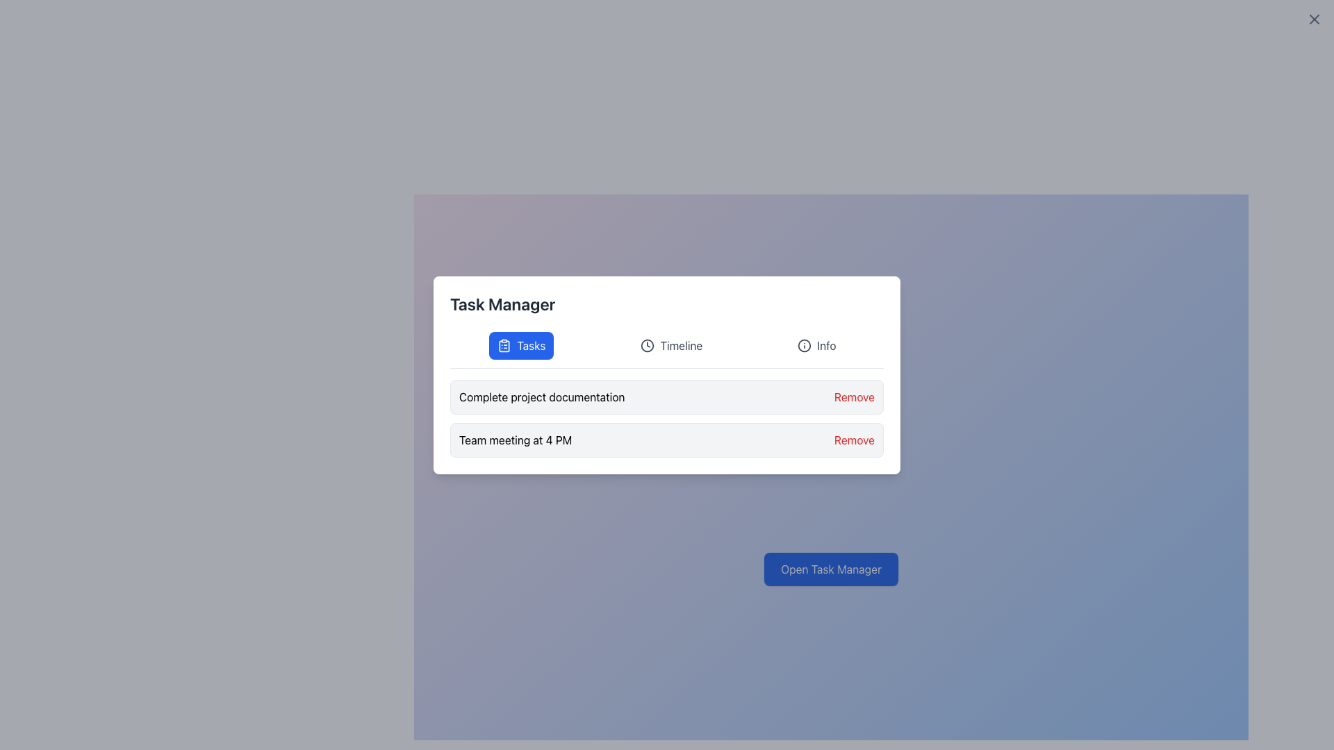 This screenshot has height=750, width=1334. Describe the element at coordinates (831, 569) in the screenshot. I see `the 'Task Manager' button using keyboard navigation` at that location.